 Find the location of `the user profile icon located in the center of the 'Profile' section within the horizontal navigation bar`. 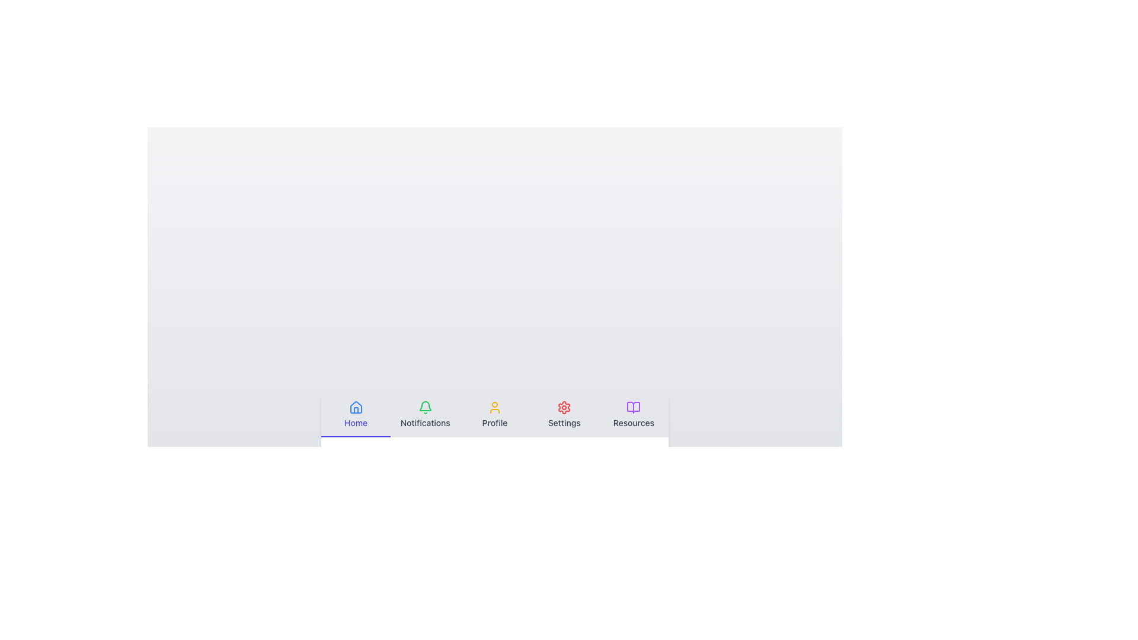

the user profile icon located in the center of the 'Profile' section within the horizontal navigation bar is located at coordinates (495, 407).